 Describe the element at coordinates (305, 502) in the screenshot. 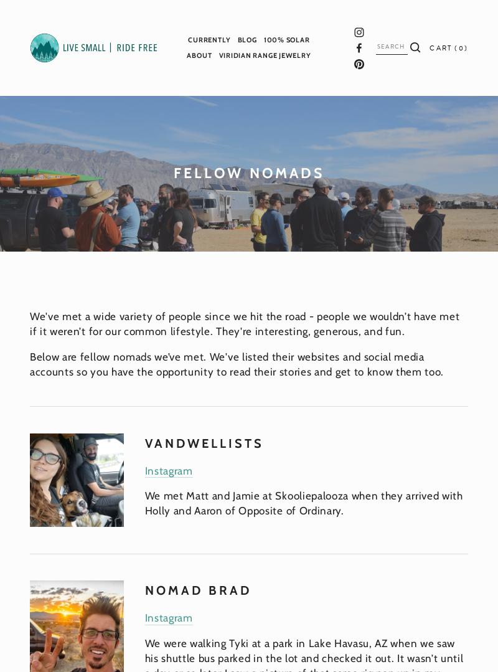

I see `'We met Matt and Jamie at Skooliepalooza when they arrived with Holly and Aaron of Opposite of Ordinary.'` at that location.